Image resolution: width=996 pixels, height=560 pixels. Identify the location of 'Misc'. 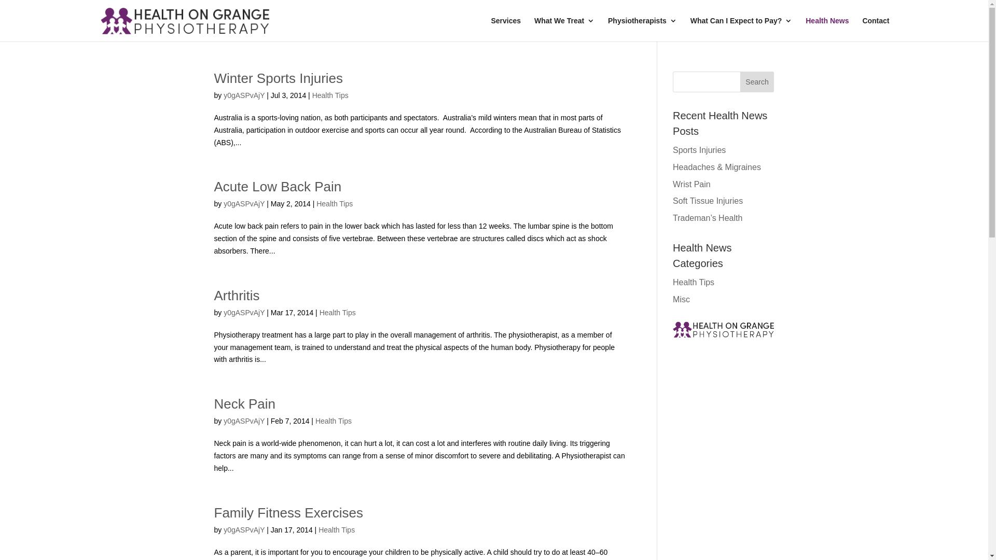
(672, 299).